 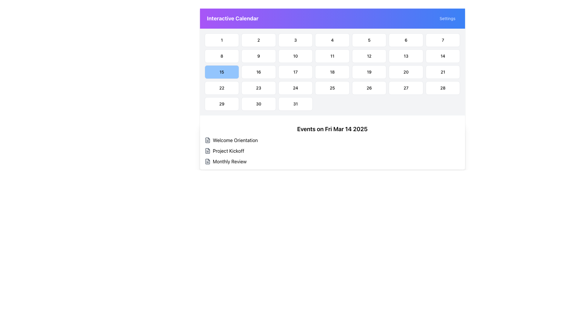 What do you see at coordinates (406, 71) in the screenshot?
I see `the calendar day cell displaying the text '20', located in the fourth row and third column of the grid layout` at bounding box center [406, 71].